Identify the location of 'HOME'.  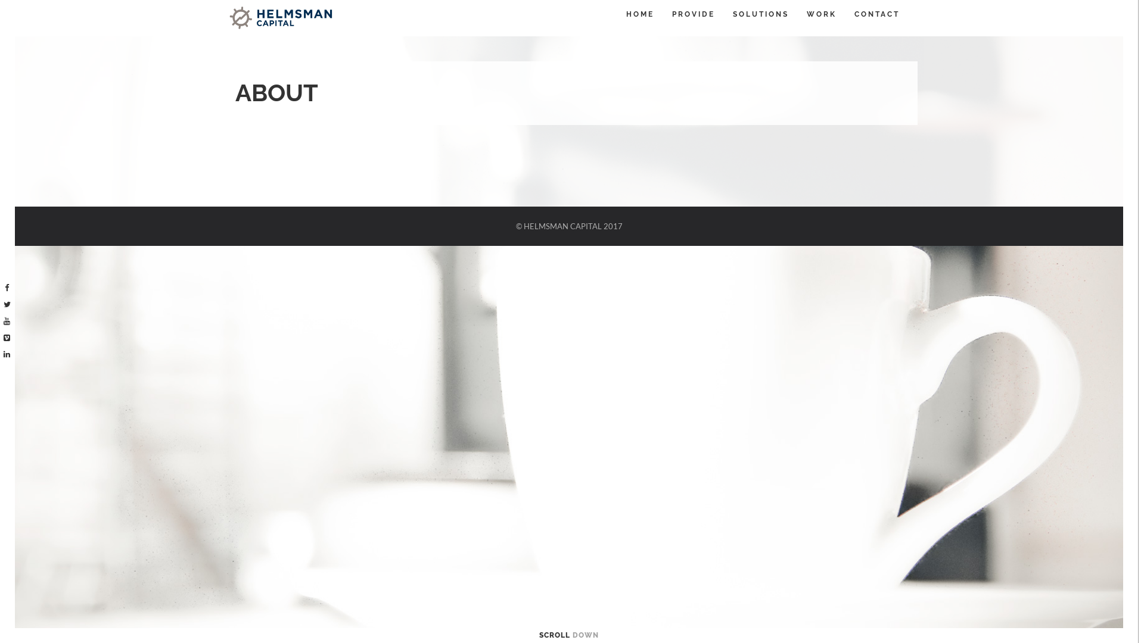
(626, 14).